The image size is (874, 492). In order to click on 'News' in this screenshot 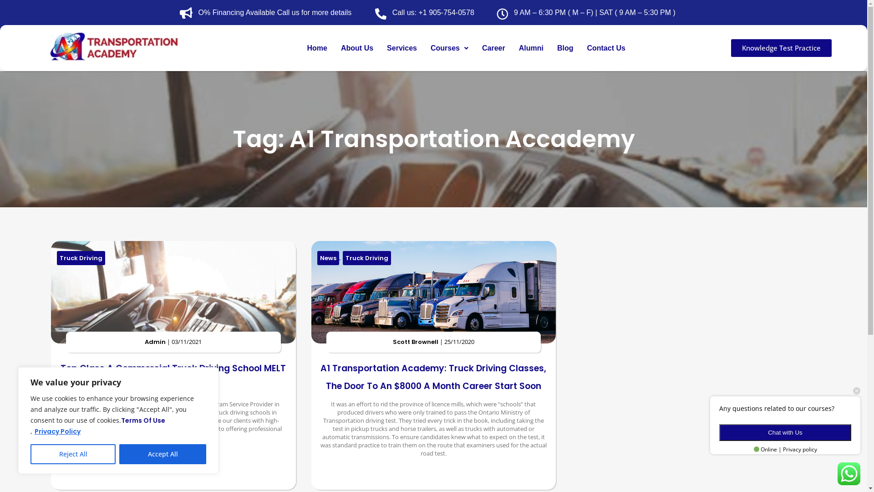, I will do `click(328, 258)`.